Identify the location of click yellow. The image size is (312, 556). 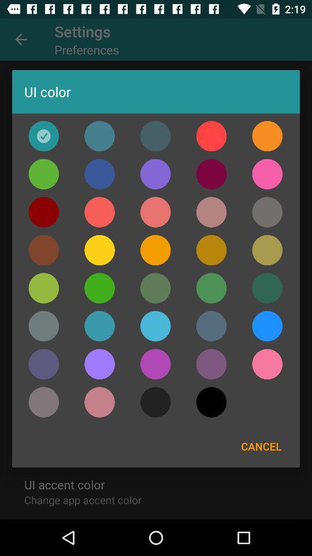
(99, 250).